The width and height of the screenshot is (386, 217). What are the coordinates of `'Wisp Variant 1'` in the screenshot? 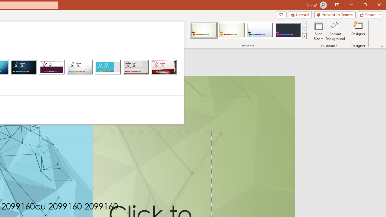 It's located at (204, 30).